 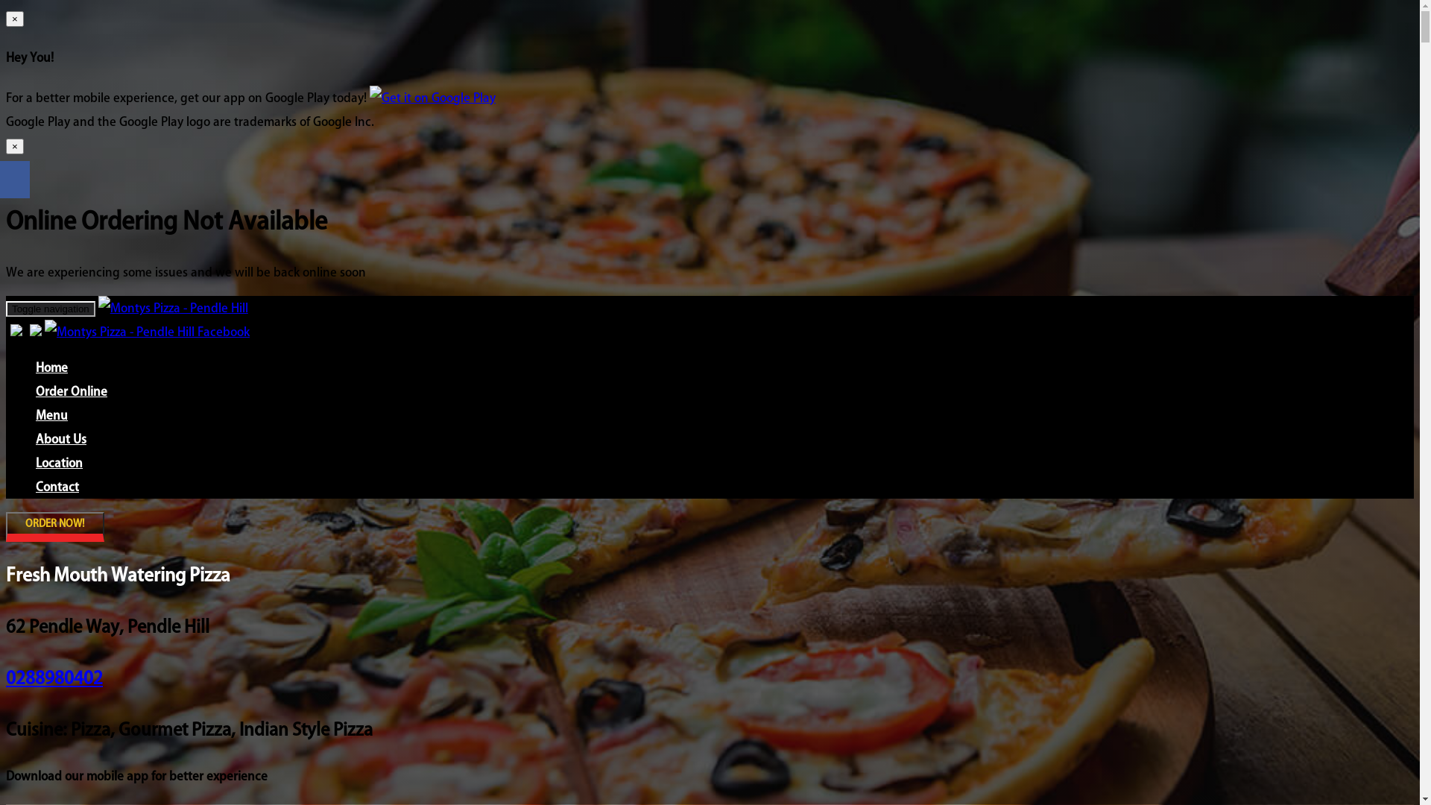 What do you see at coordinates (59, 462) in the screenshot?
I see `'Location'` at bounding box center [59, 462].